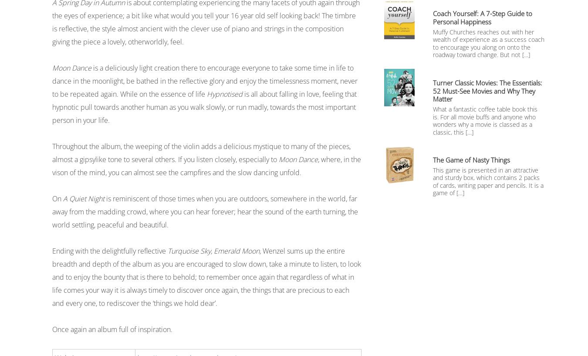 This screenshot has height=356, width=588. Describe the element at coordinates (488, 181) in the screenshot. I see `'This game is presented in an attractive and sturdy box, which contains 2 packs of cards, writing paper and pencils. It is a game of […]'` at that location.